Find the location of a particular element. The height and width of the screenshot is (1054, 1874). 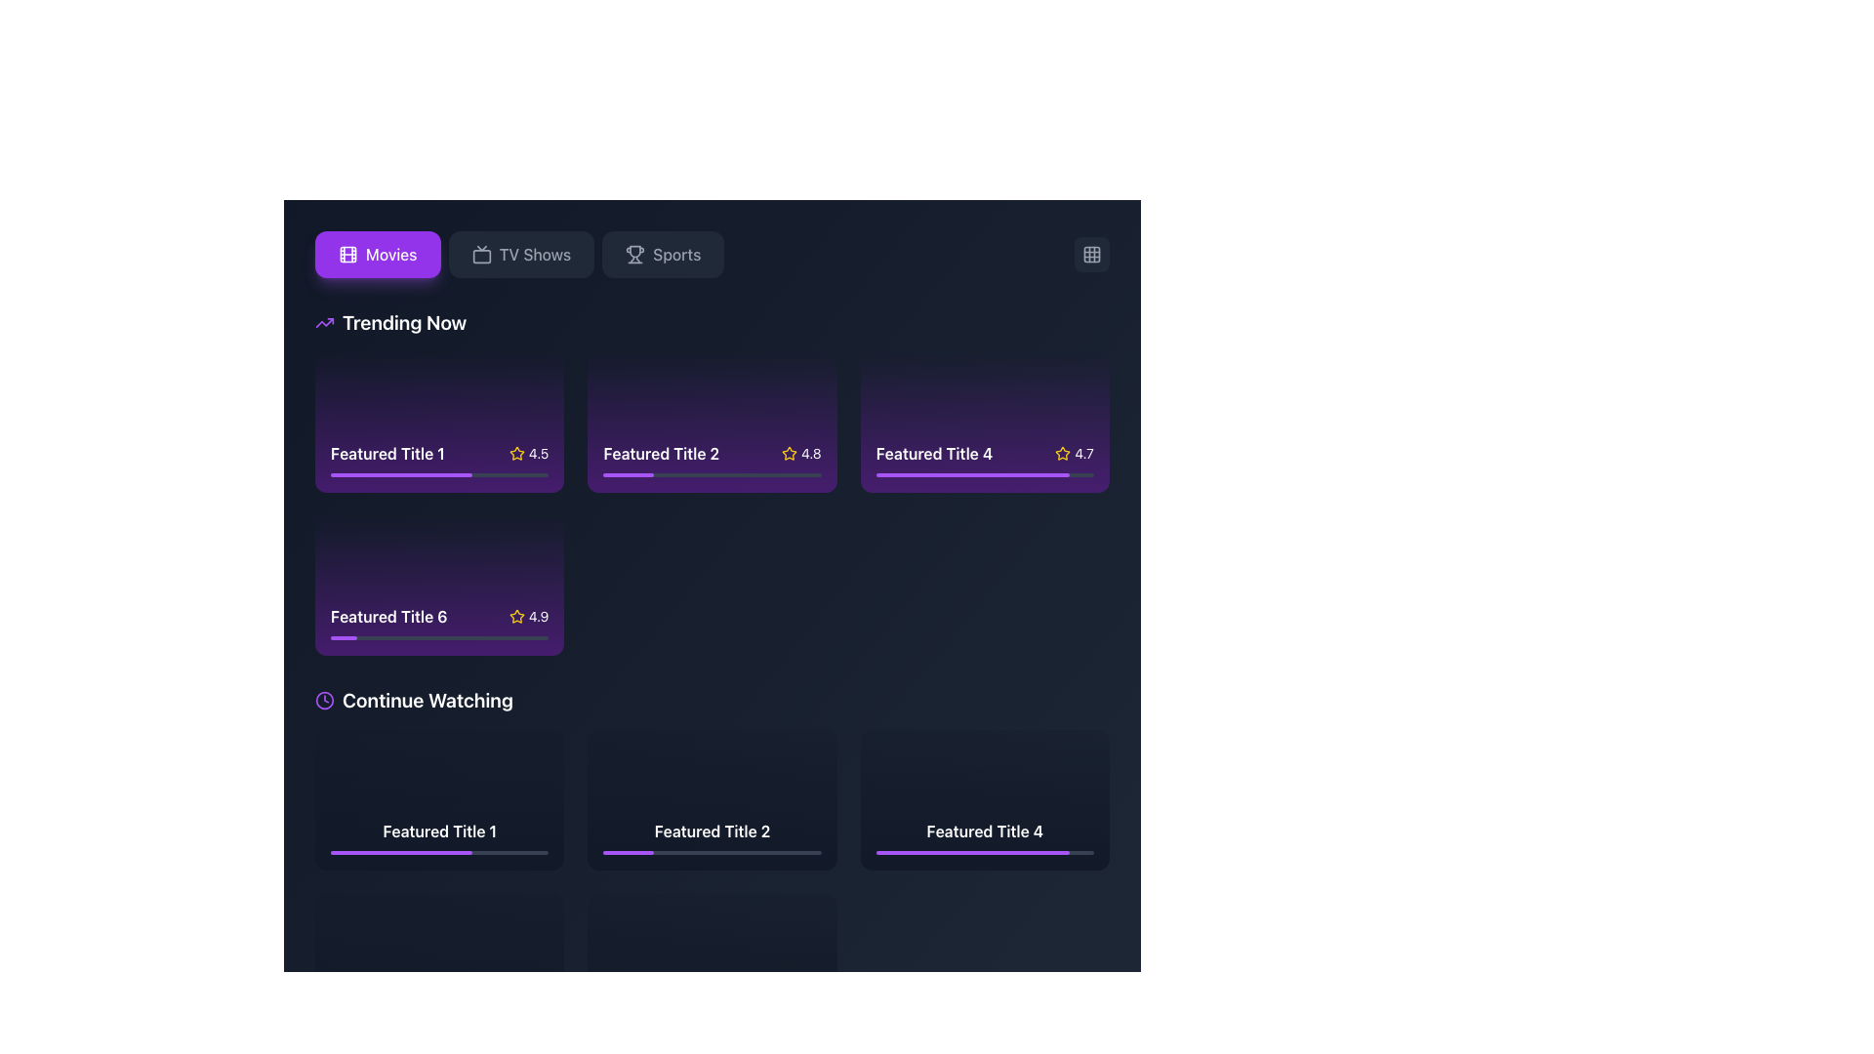

the numeric value '4.7' displayed next to the yellow star icon in the top-right corner of the 'Featured Title 4' card in the 'Trending Now' section is located at coordinates (1074, 453).